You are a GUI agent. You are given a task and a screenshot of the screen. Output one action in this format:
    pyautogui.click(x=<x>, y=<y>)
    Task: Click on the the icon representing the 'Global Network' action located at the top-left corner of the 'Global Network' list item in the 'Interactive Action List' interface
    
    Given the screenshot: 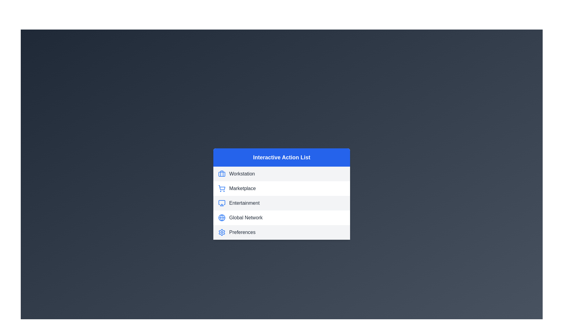 What is the action you would take?
    pyautogui.click(x=221, y=217)
    